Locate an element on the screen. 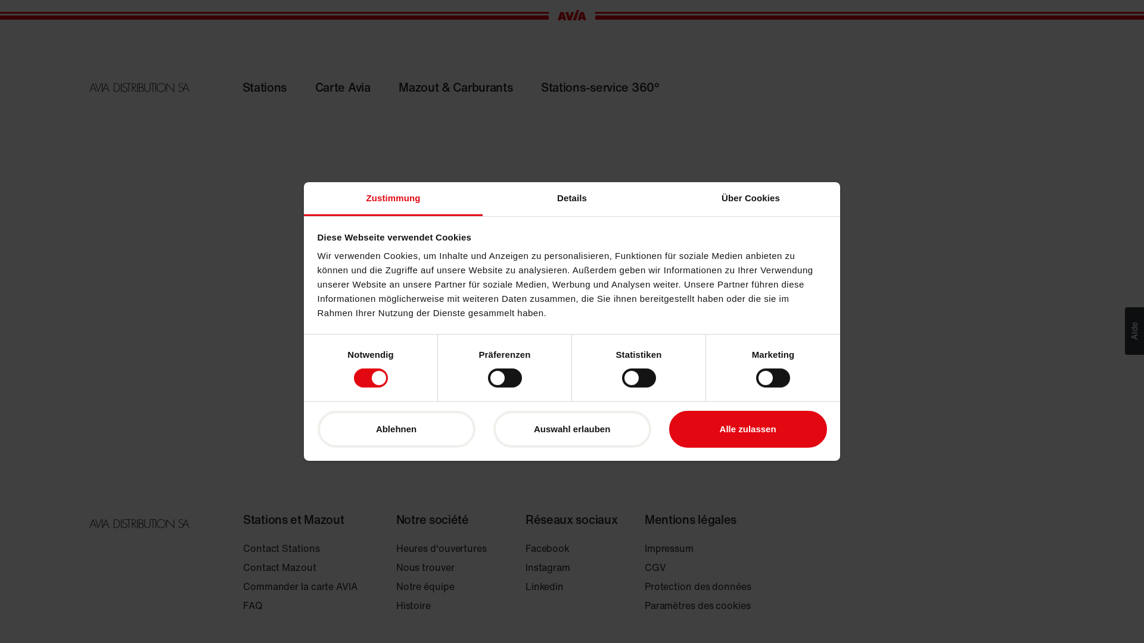 Image resolution: width=1144 pixels, height=643 pixels. 'Facebook' is located at coordinates (565, 548).